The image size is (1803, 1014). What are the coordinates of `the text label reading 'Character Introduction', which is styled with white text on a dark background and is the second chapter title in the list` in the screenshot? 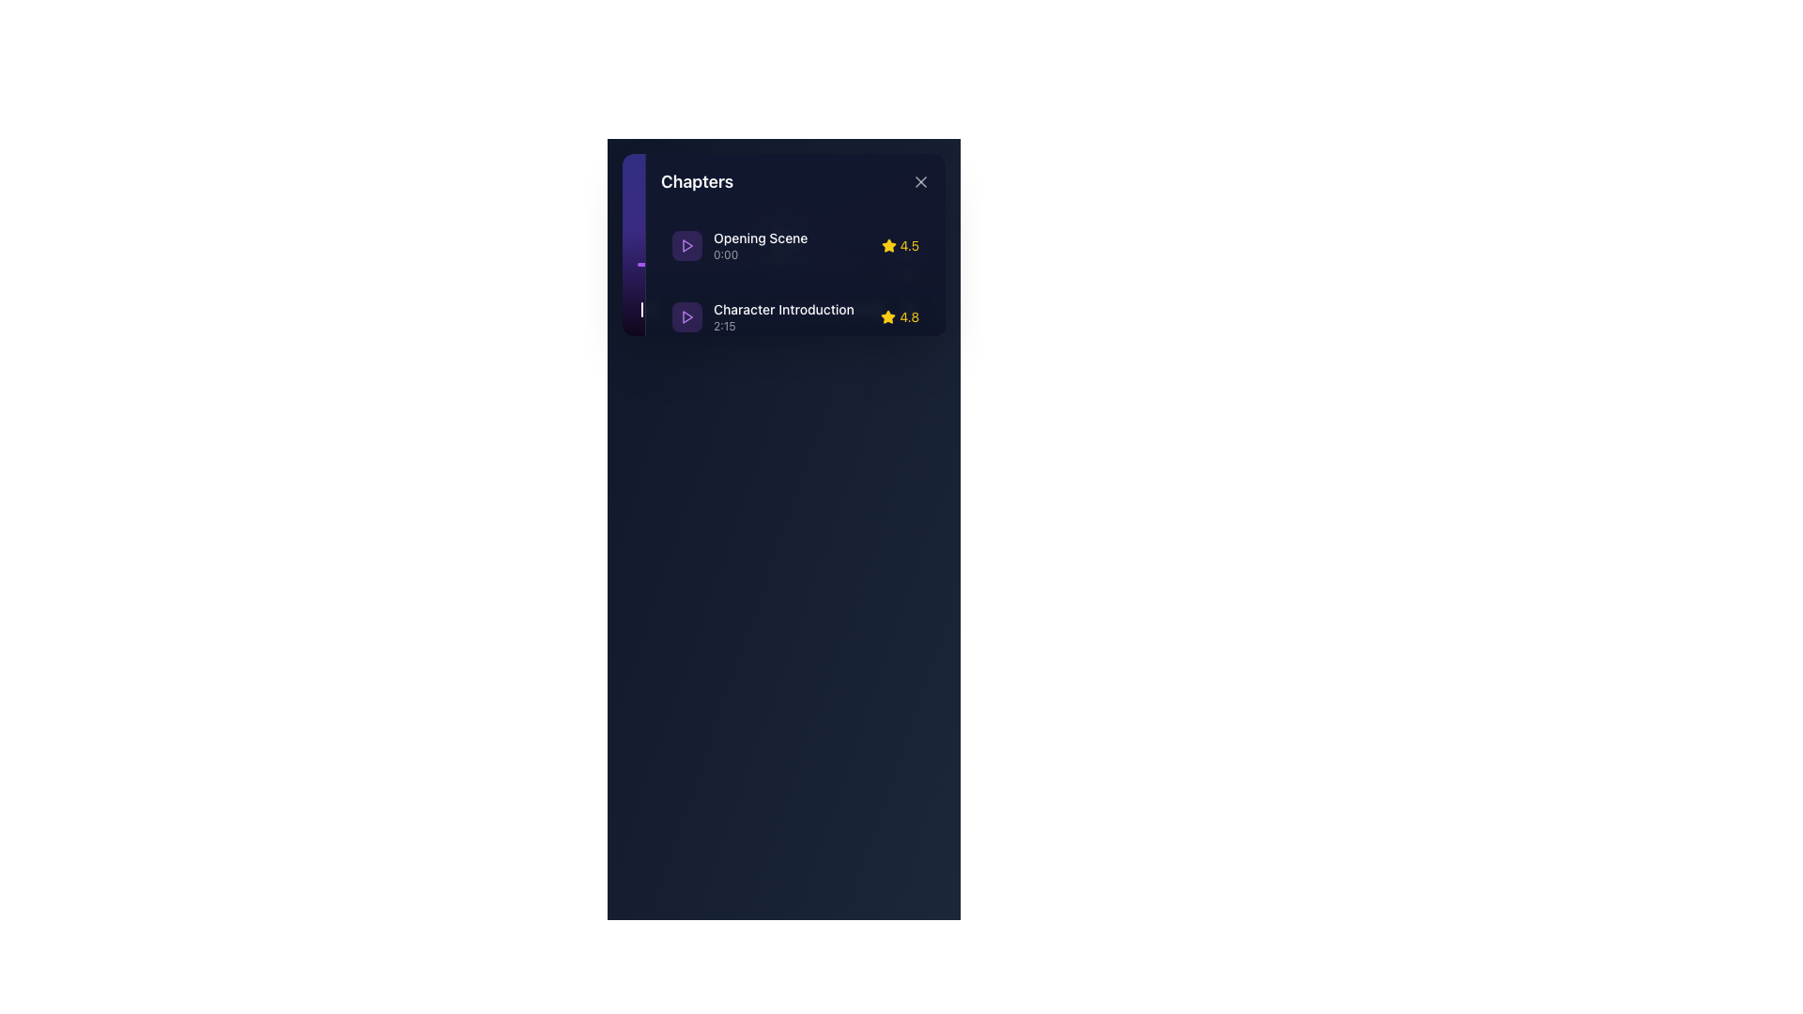 It's located at (784, 309).